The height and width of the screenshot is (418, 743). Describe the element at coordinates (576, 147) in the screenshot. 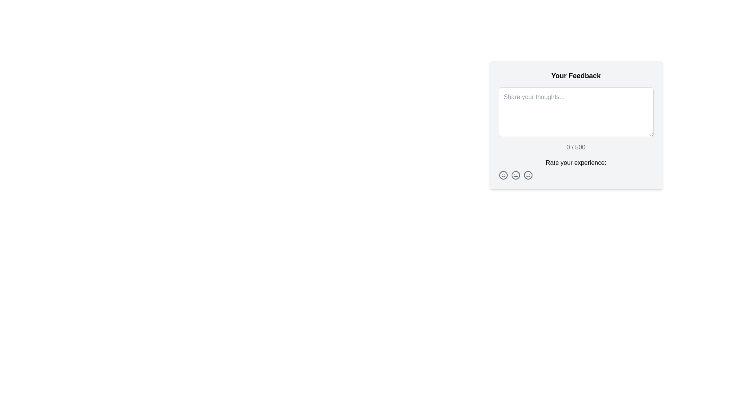

I see `the character counter text display located beneath the input field in the feedback form, which indicates the number of characters typed out of a maximum of 500` at that location.